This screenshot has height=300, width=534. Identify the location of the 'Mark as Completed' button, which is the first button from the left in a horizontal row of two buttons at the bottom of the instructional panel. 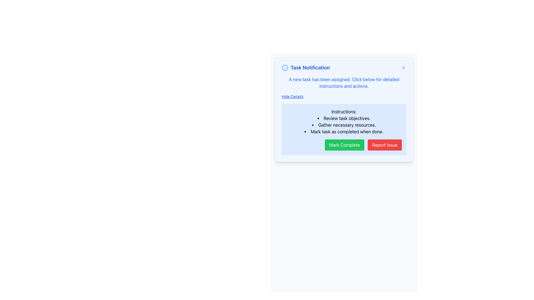
(344, 144).